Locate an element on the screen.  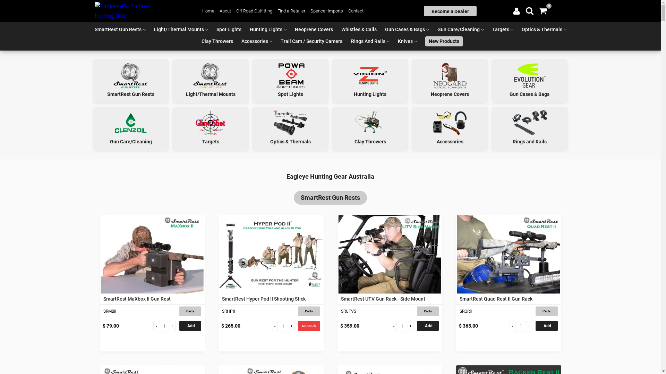
'No Stock' is located at coordinates (308, 326).